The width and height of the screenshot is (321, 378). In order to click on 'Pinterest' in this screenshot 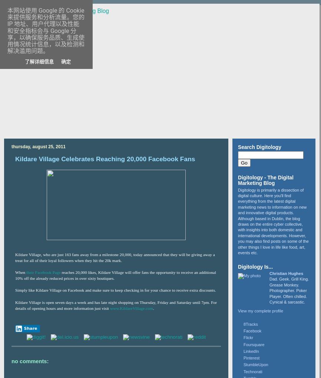, I will do `click(251, 358)`.